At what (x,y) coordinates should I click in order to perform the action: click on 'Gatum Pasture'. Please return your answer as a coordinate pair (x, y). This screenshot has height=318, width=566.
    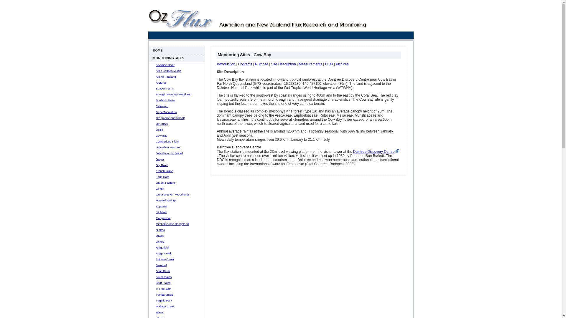
    Looking at the image, I should click on (165, 182).